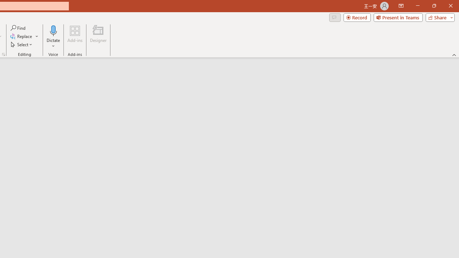  Describe the element at coordinates (434, 6) in the screenshot. I see `'Restore Down'` at that location.